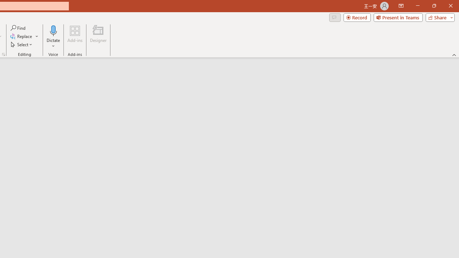  Describe the element at coordinates (434, 6) in the screenshot. I see `'Restore Down'` at that location.